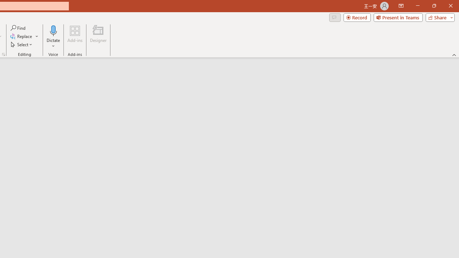  Describe the element at coordinates (434, 6) in the screenshot. I see `'Restore Down'` at that location.